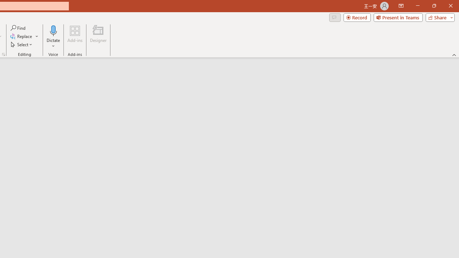  Describe the element at coordinates (434, 6) in the screenshot. I see `'Restore Down'` at that location.